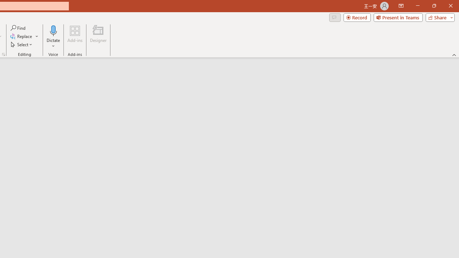  Describe the element at coordinates (434, 6) in the screenshot. I see `'Restore Down'` at that location.